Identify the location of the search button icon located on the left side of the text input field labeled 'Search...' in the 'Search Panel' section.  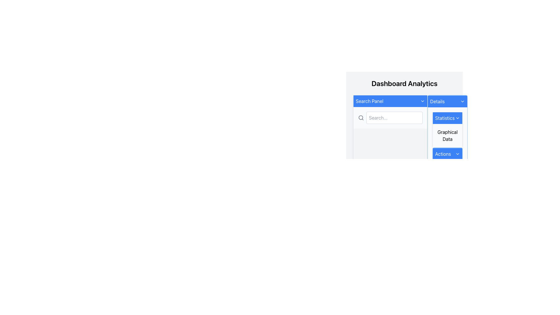
(361, 118).